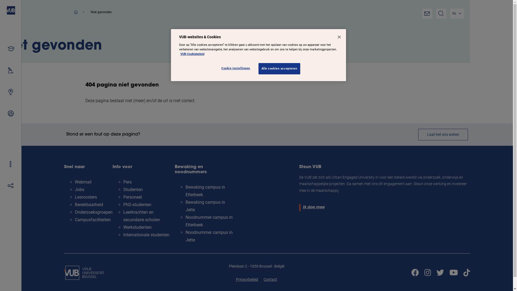 This screenshot has width=517, height=291. I want to click on 'VUB-Cookiebeleid', so click(192, 54).